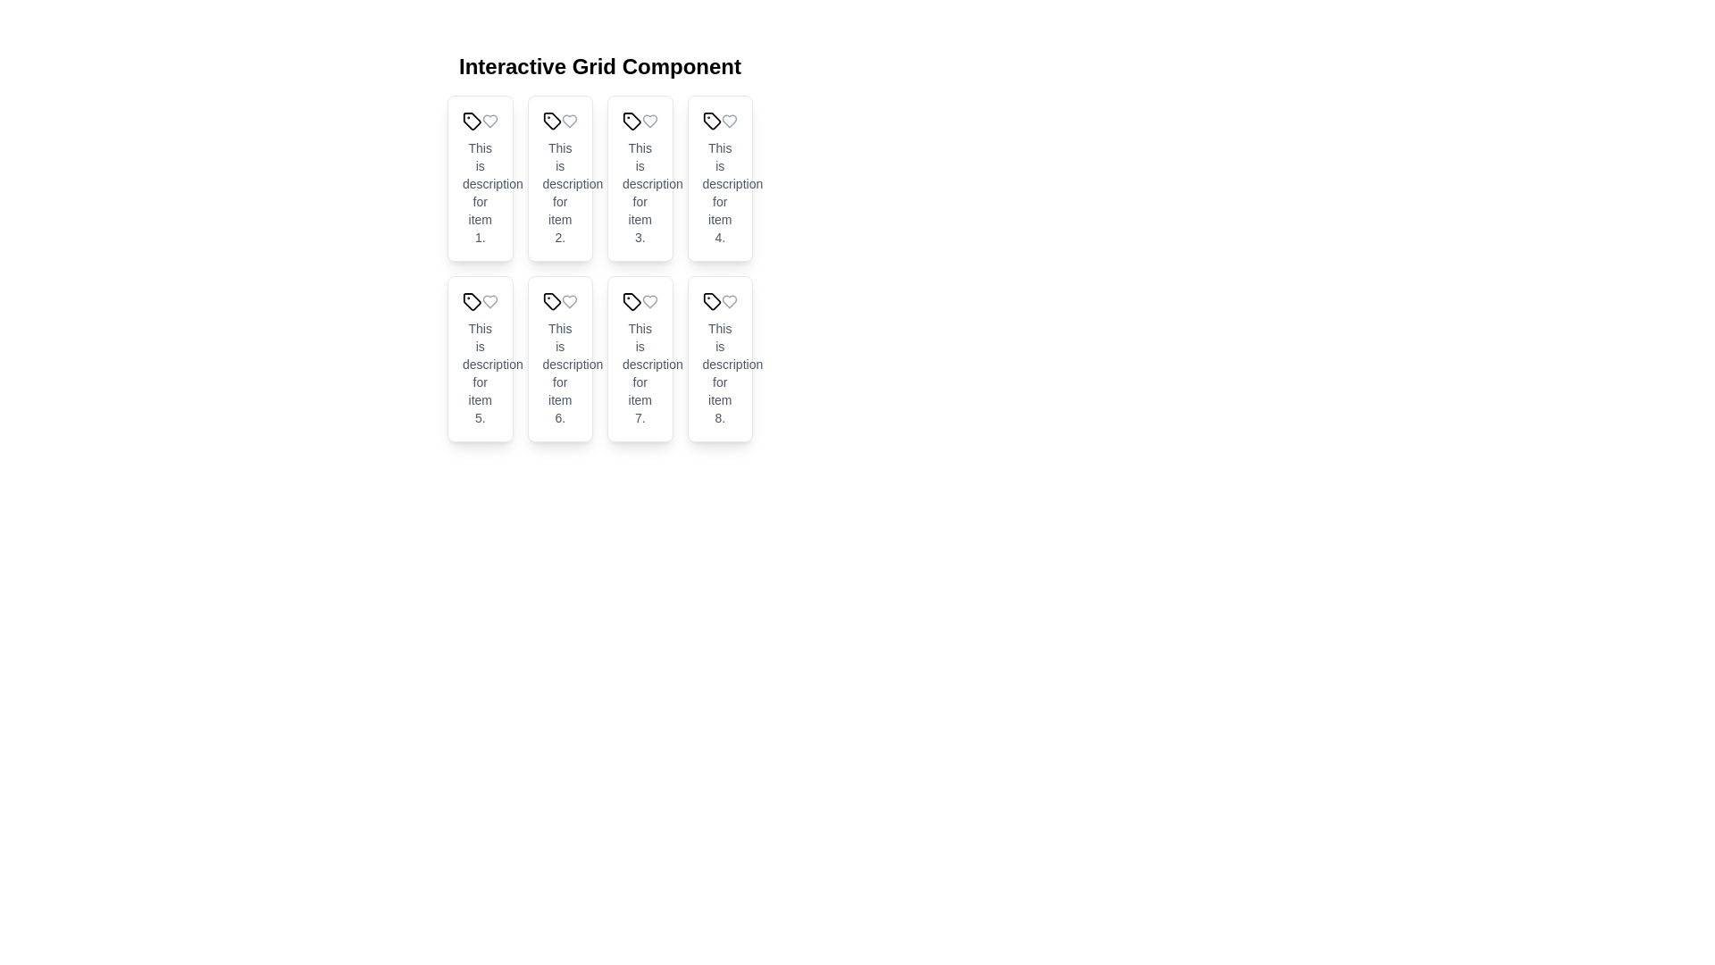 The width and height of the screenshot is (1715, 965). What do you see at coordinates (632, 301) in the screenshot?
I see `the small tag-like icon with a black stroke on a white background located in the seventh tile of the grid` at bounding box center [632, 301].